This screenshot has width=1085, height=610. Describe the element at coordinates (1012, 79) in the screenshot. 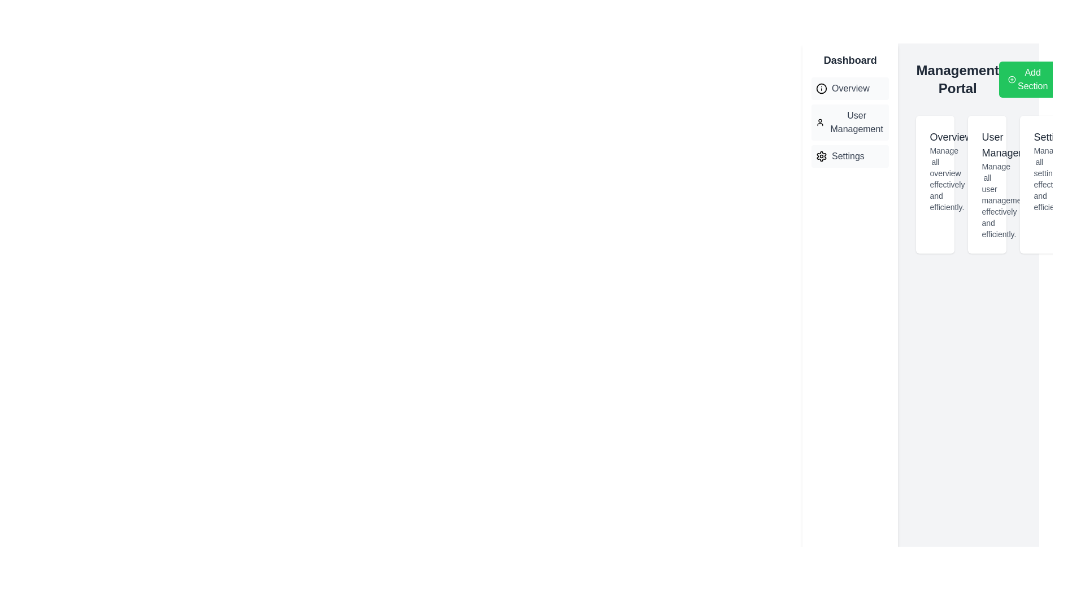

I see `the circular icon with a plus sign in the upper right corner of the 'Management Portal' panel, located within the green 'Add Section' rectangle` at that location.